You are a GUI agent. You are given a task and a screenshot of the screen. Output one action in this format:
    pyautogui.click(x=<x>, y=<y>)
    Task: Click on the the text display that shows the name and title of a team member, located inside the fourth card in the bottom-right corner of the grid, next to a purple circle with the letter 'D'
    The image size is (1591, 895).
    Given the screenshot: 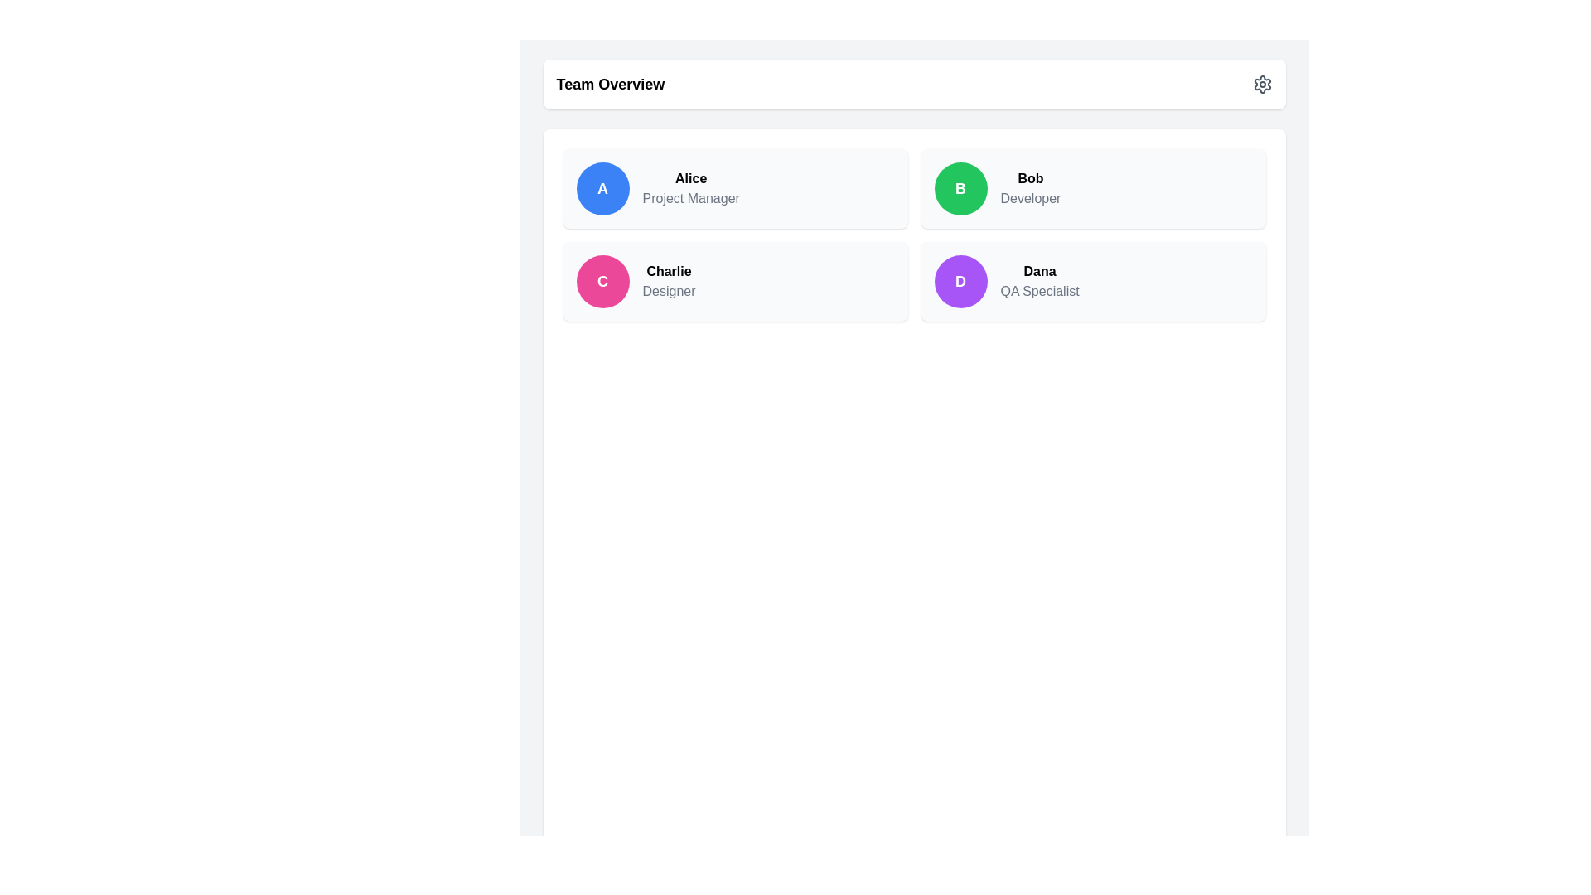 What is the action you would take?
    pyautogui.click(x=1039, y=280)
    